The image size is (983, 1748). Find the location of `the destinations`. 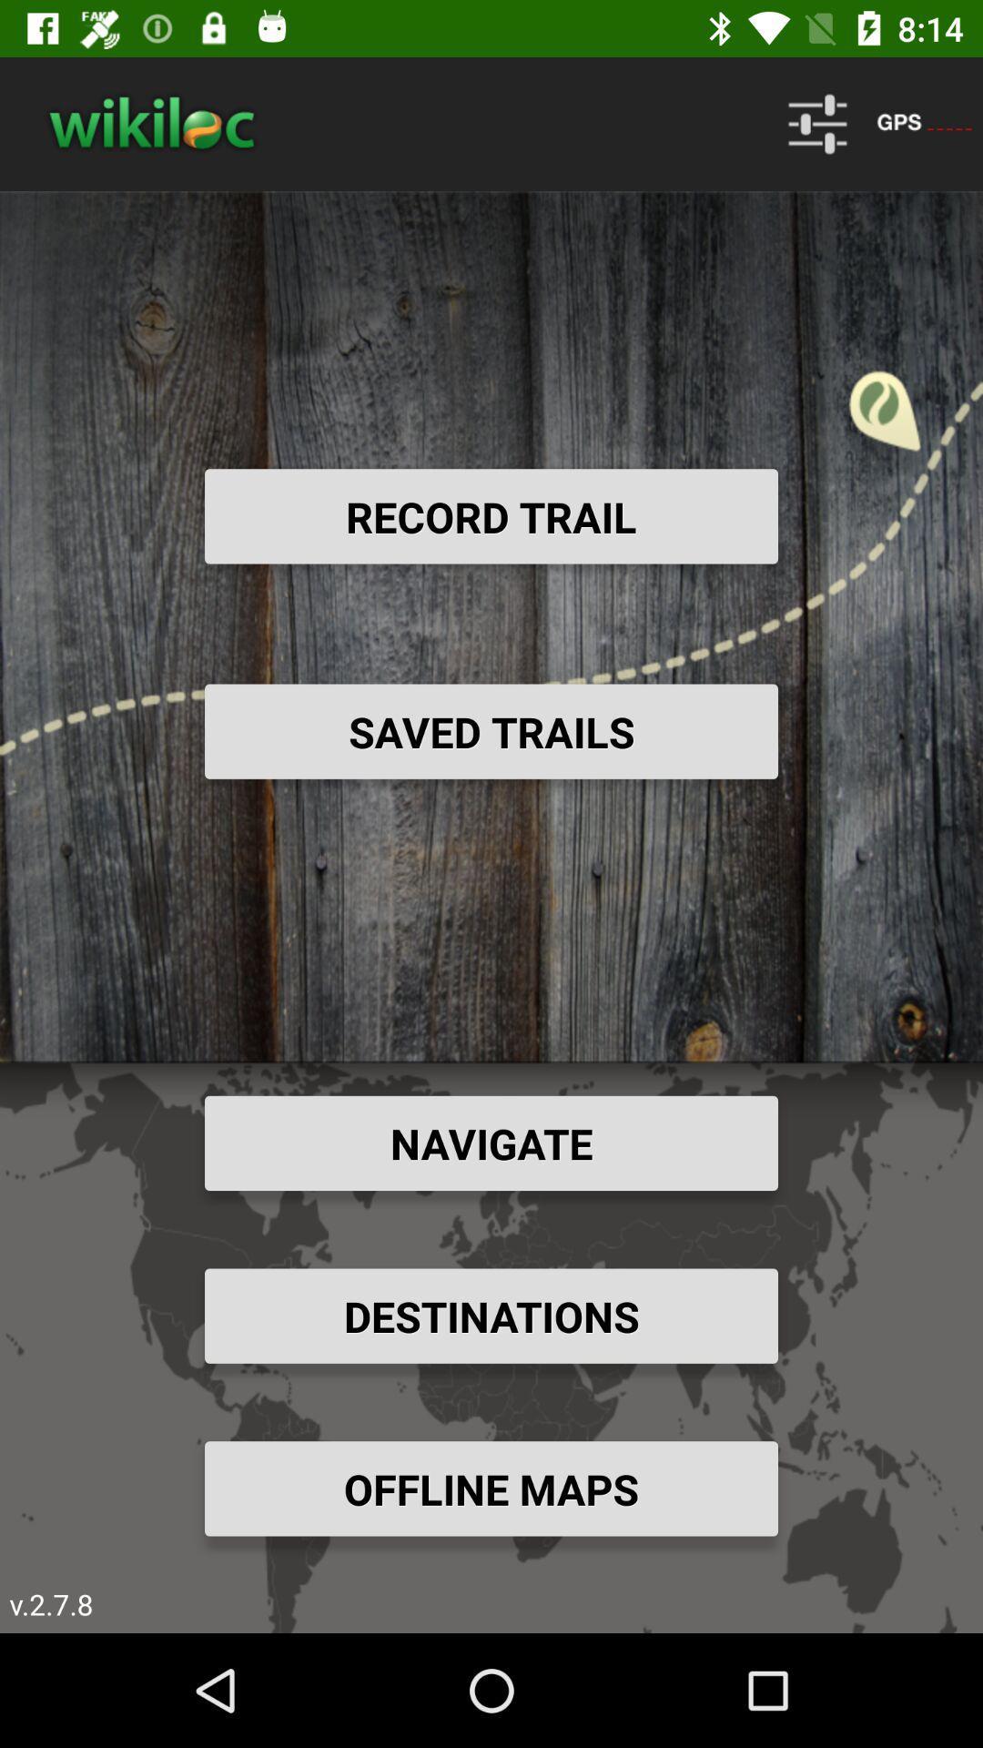

the destinations is located at coordinates (491, 1316).